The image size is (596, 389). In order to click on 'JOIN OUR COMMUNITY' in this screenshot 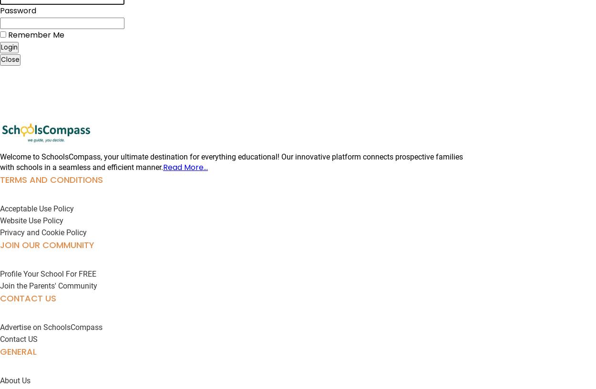, I will do `click(47, 244)`.